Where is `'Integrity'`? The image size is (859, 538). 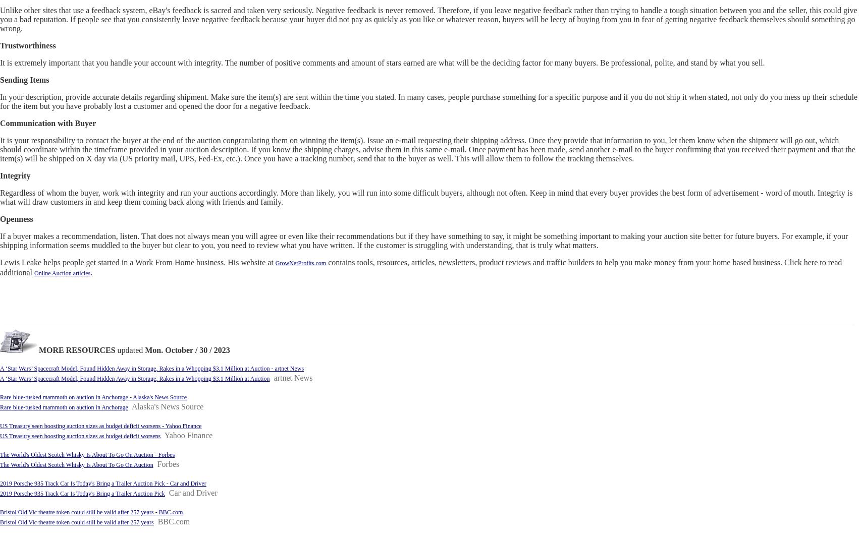 'Integrity' is located at coordinates (15, 175).